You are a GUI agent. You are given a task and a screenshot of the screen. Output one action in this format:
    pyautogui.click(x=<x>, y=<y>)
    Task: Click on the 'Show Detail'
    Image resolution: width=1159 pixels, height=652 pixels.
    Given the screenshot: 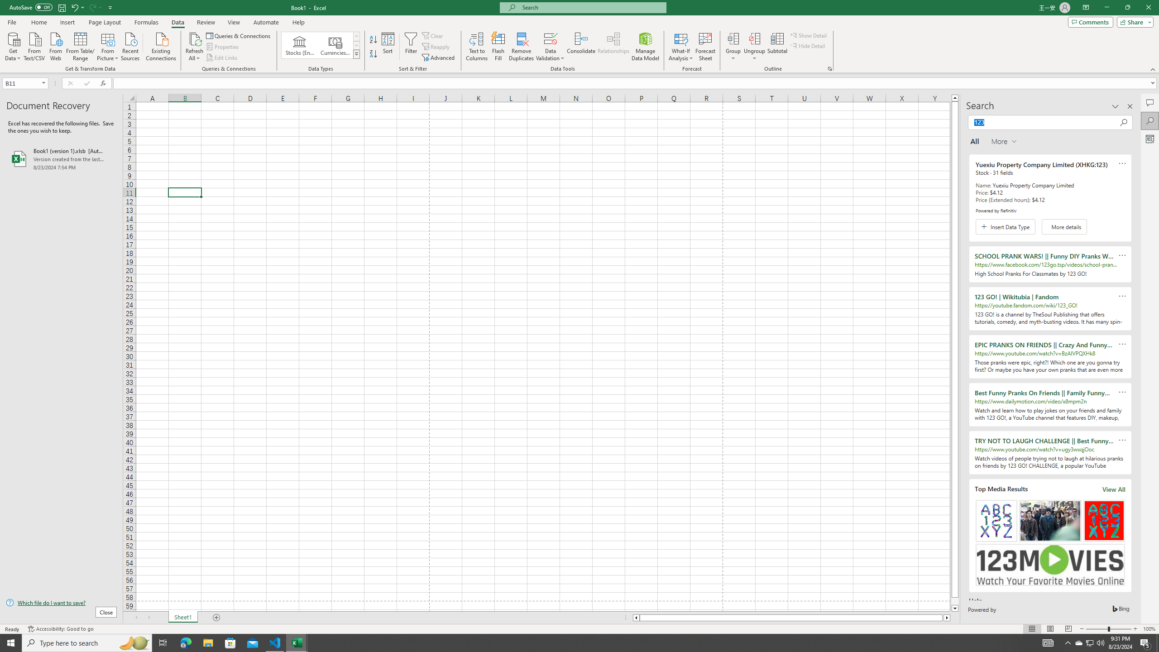 What is the action you would take?
    pyautogui.click(x=808, y=35)
    